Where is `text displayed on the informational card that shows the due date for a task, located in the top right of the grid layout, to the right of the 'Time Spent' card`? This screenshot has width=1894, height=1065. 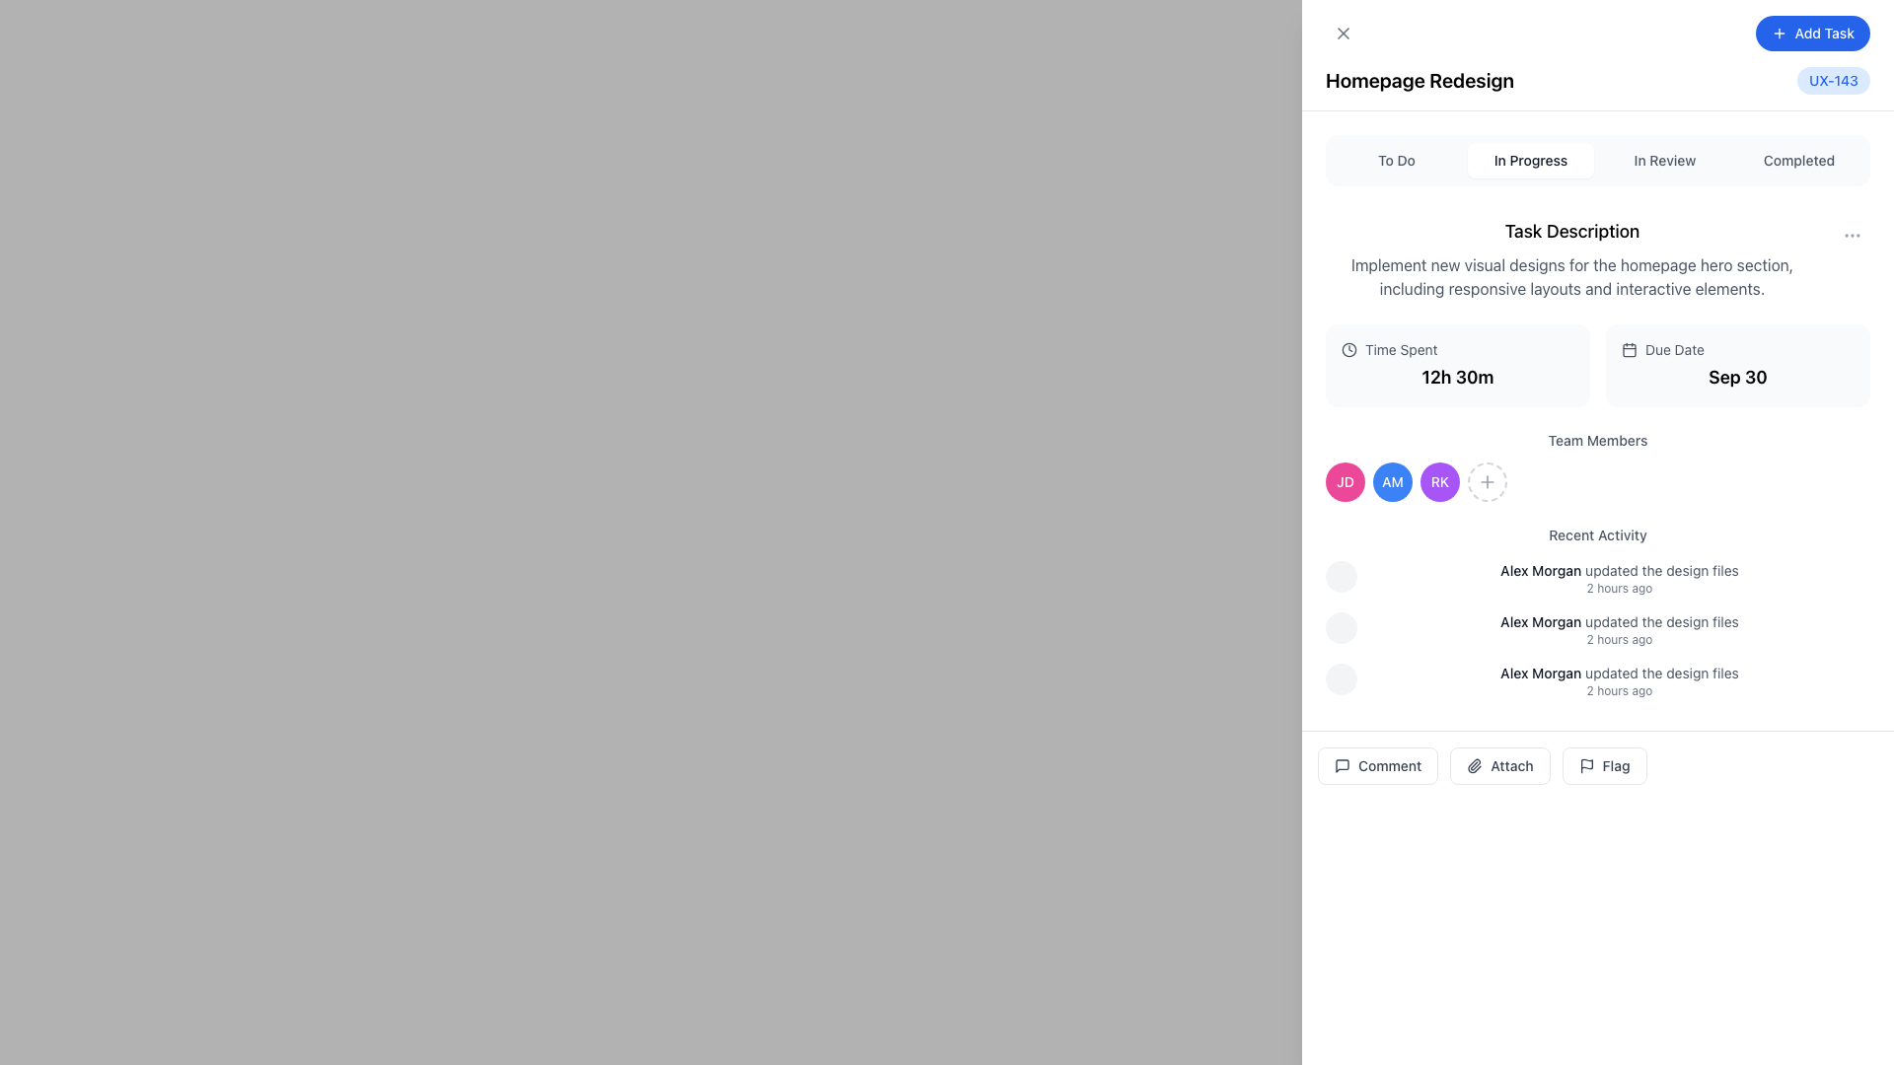
text displayed on the informational card that shows the due date for a task, located in the top right of the grid layout, to the right of the 'Time Spent' card is located at coordinates (1737, 365).